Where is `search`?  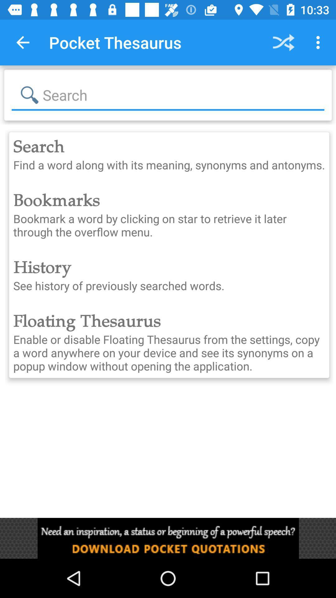 search is located at coordinates (168, 95).